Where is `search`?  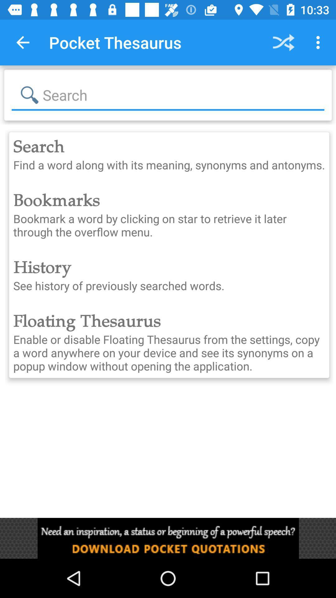 search is located at coordinates (168, 95).